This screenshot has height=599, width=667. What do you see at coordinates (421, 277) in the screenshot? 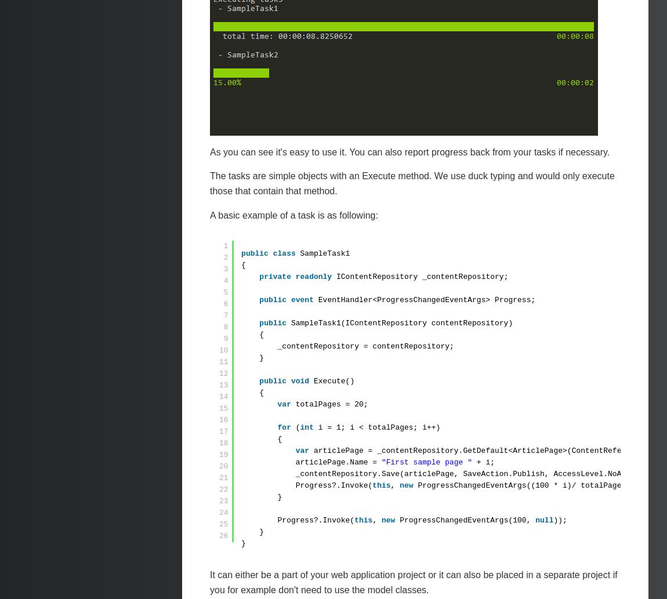
I see `'IContentRepository _contentRepository;'` at bounding box center [421, 277].